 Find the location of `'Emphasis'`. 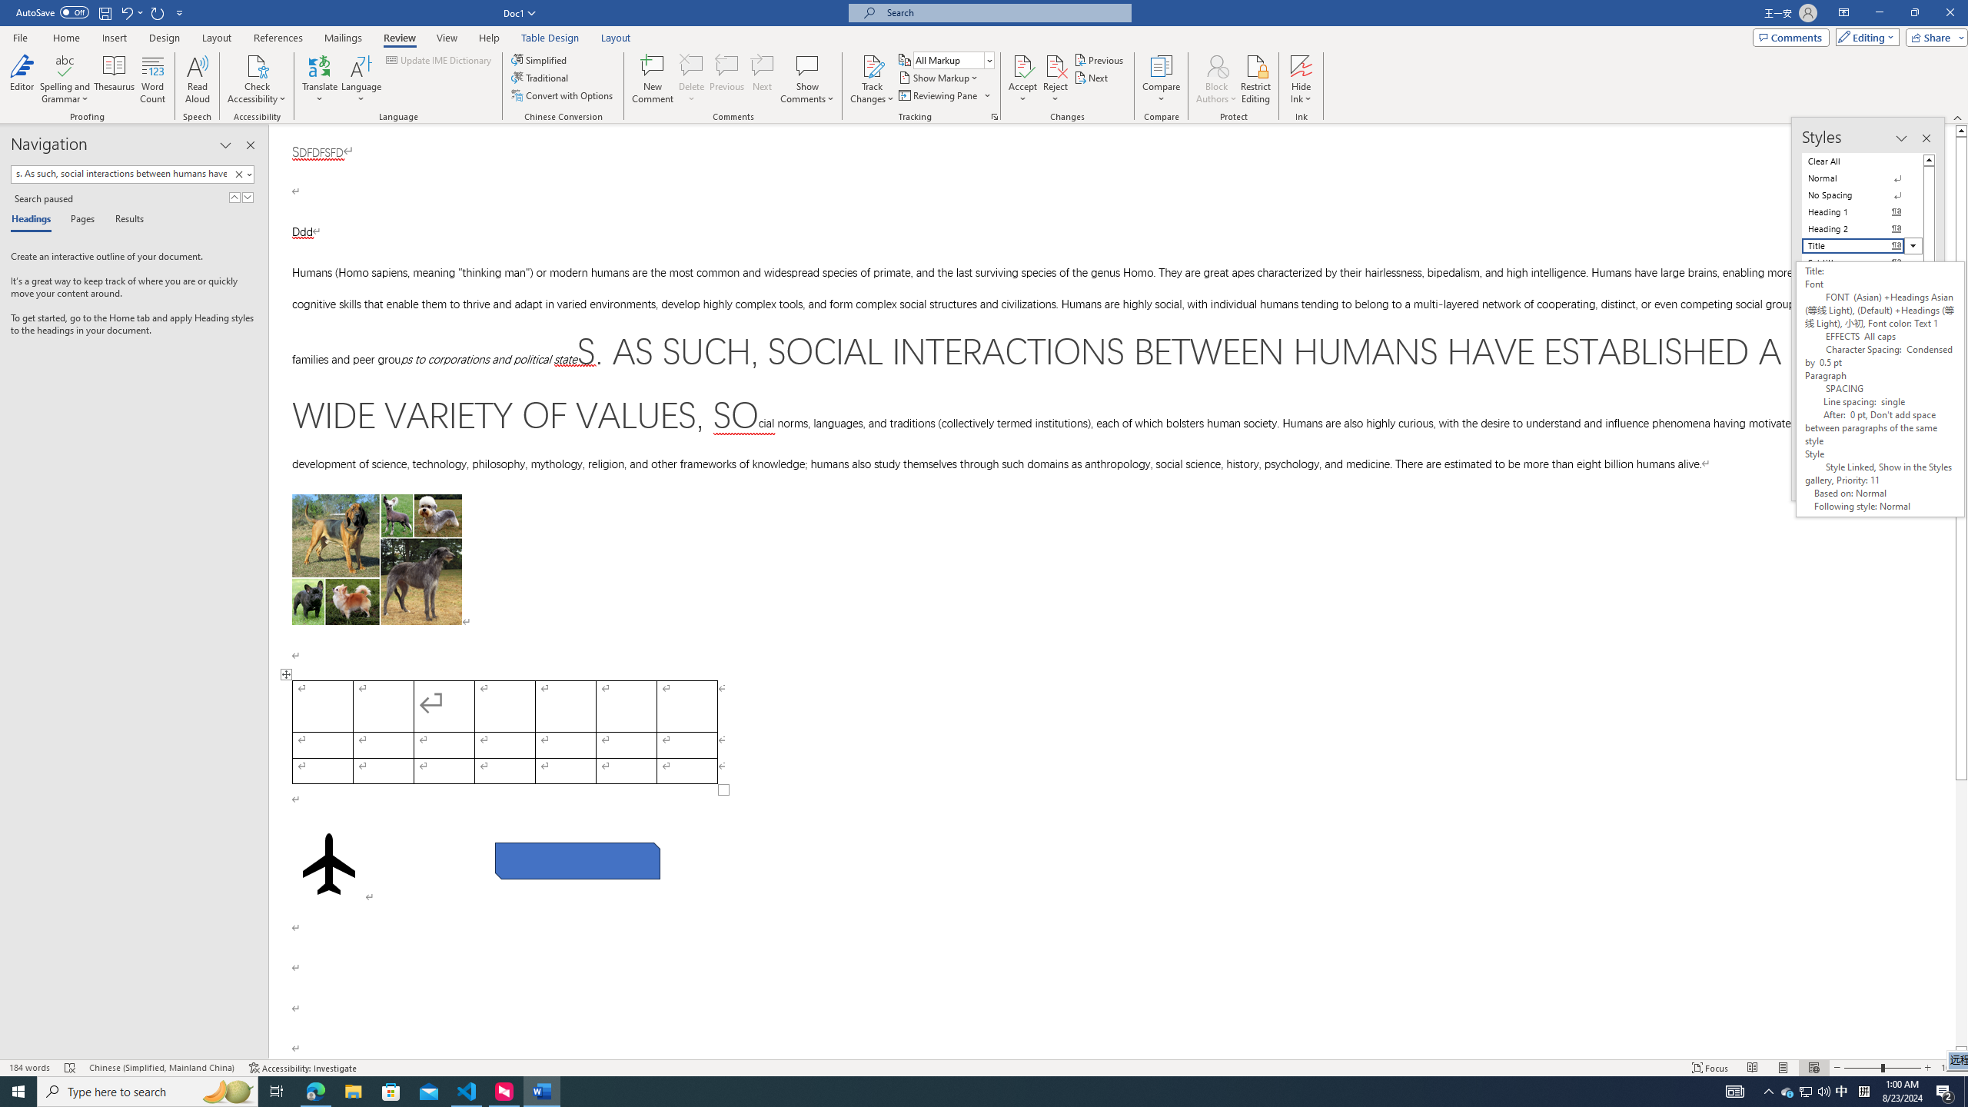

'Emphasis' is located at coordinates (1862, 295).